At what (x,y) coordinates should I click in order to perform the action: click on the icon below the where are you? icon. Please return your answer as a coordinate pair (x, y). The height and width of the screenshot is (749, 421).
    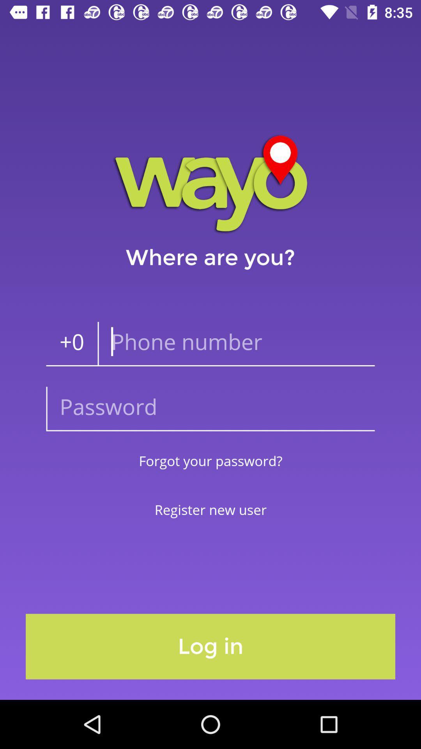
    Looking at the image, I should click on (235, 344).